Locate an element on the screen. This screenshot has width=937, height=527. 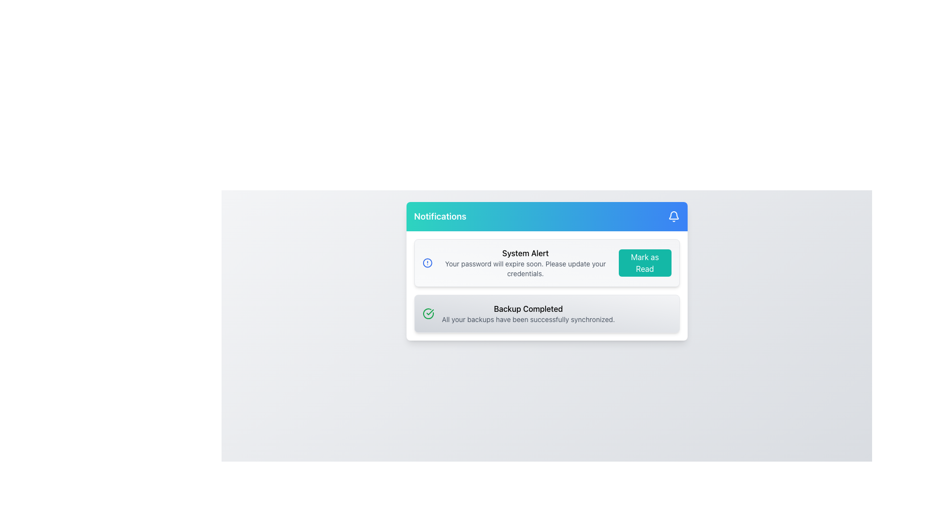
the 'System Alert' text label located in the top notification card of the Notifications interface, which is centered horizontally within the card is located at coordinates (525, 253).